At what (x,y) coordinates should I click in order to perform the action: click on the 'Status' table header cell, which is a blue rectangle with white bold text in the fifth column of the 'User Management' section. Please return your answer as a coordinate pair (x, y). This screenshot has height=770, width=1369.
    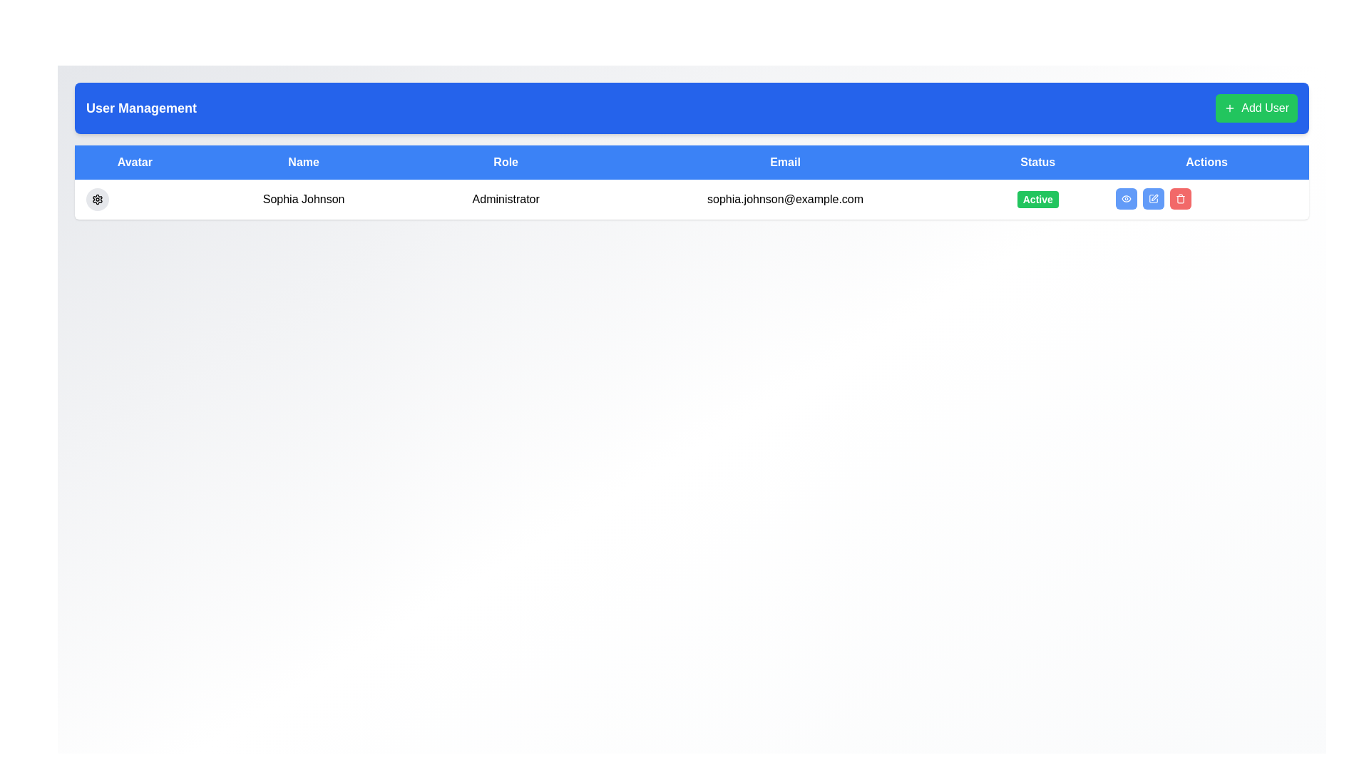
    Looking at the image, I should click on (1037, 161).